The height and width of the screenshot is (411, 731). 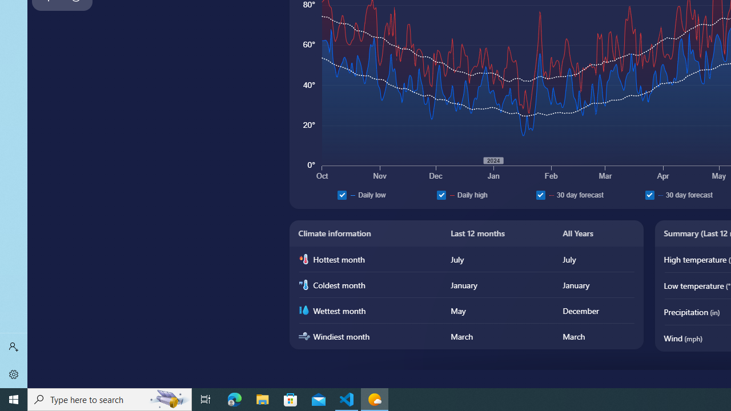 What do you see at coordinates (291, 398) in the screenshot?
I see `'Microsoft Store'` at bounding box center [291, 398].